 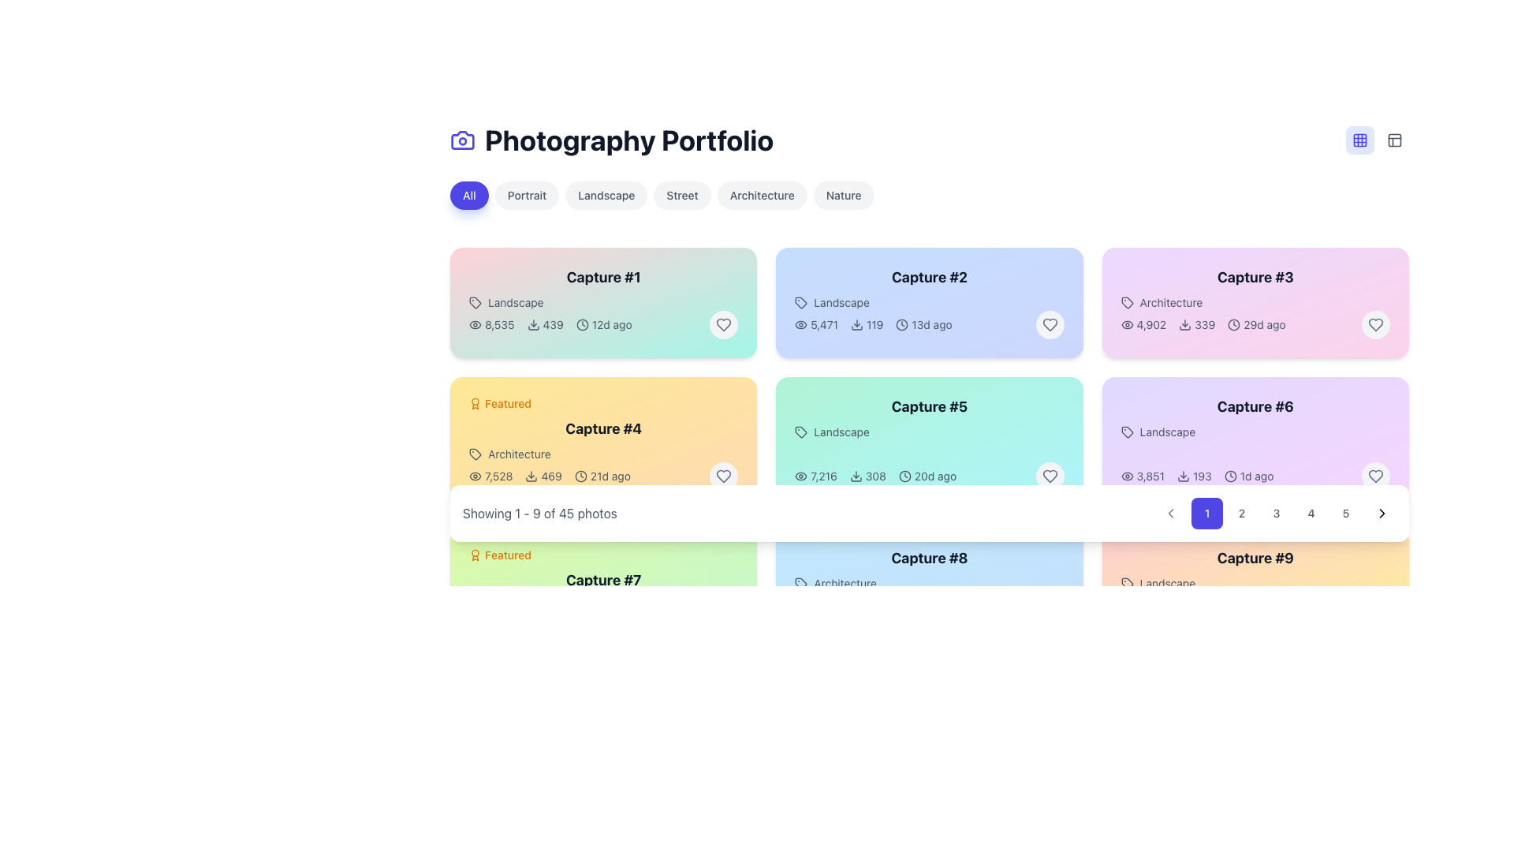 I want to click on the numeric label displaying '7,216' next to the 'eye' icon in the lower section of the card labeled 'Capture #5', so click(x=816, y=476).